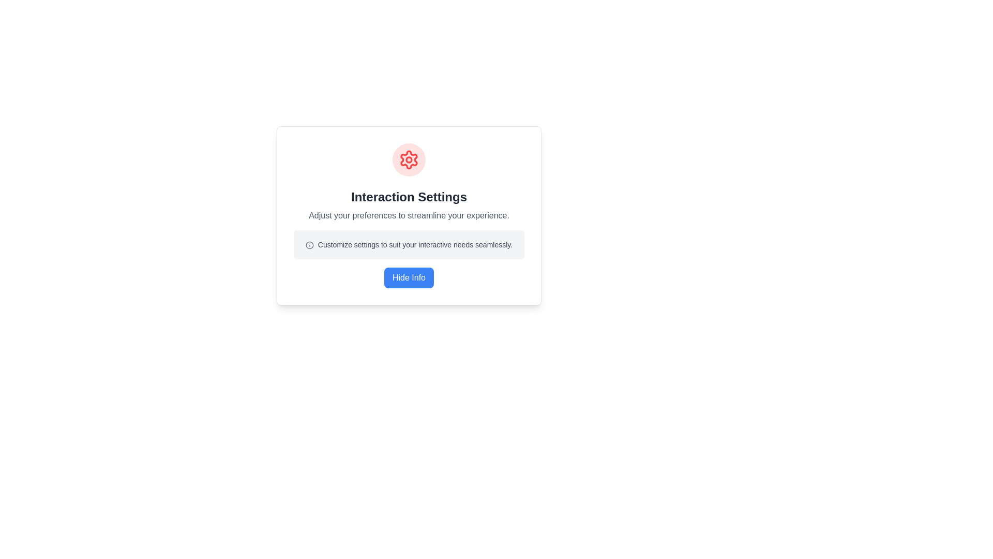  Describe the element at coordinates (409, 159) in the screenshot. I see `the graphical icon element that represents 'Interaction Settings', which is positioned at the top-center of the card above the title text` at that location.